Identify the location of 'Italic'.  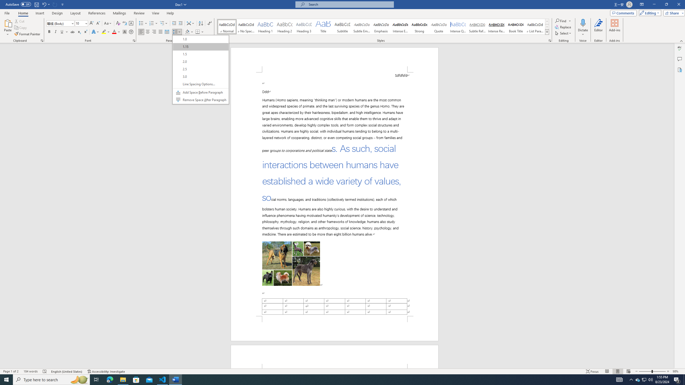
(72, 32).